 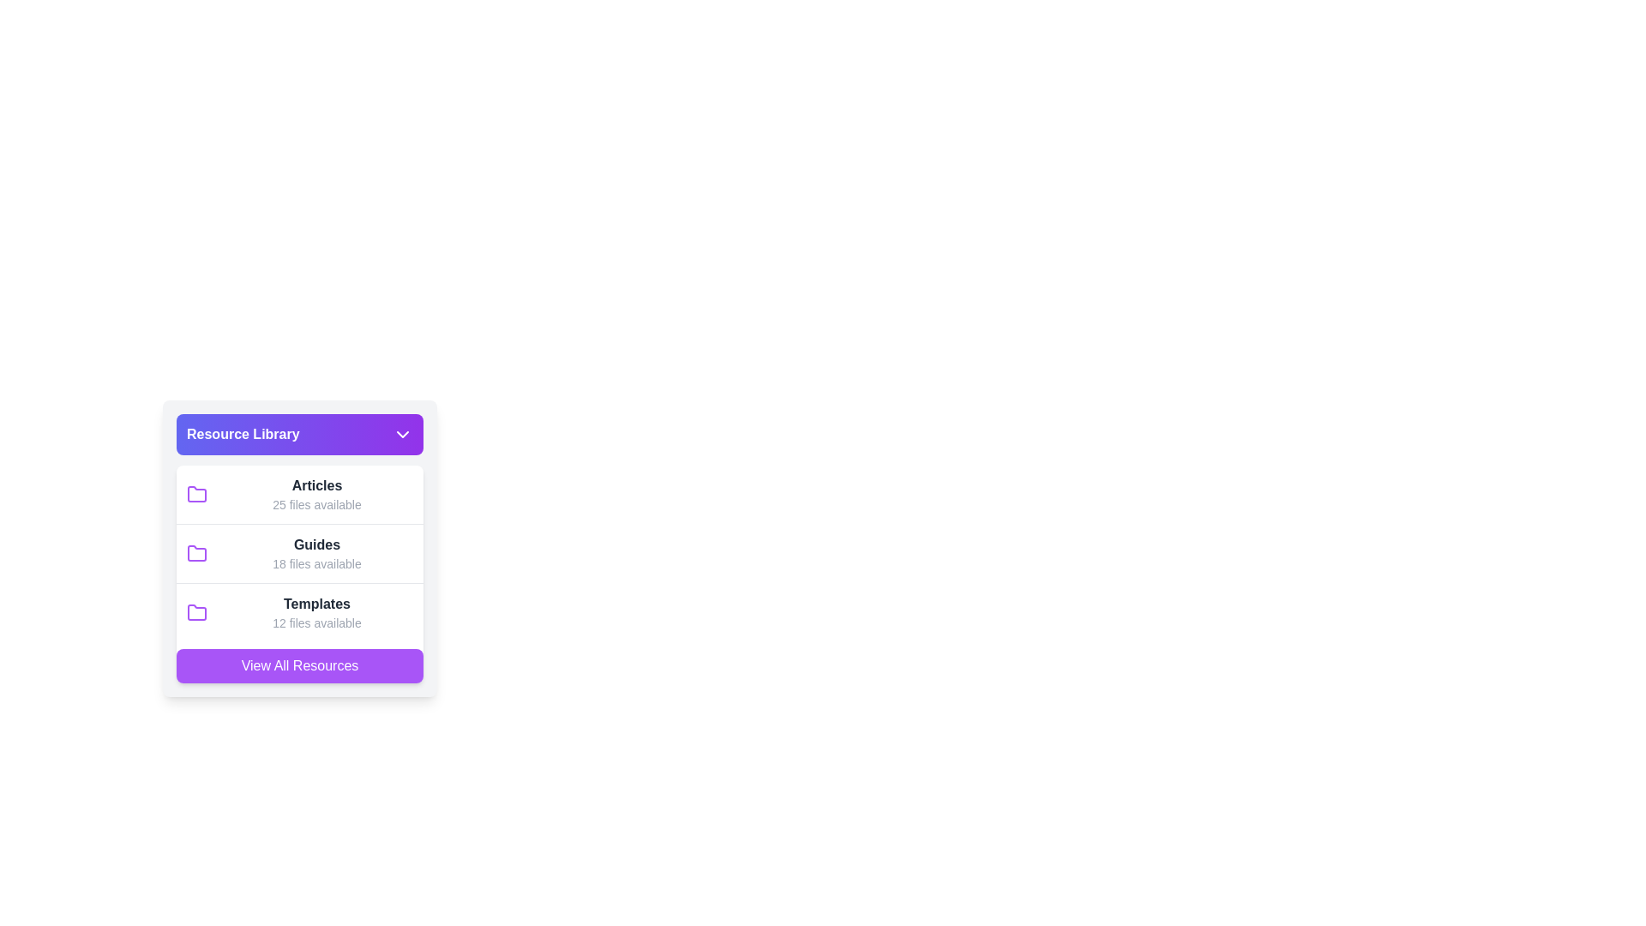 I want to click on the button located at the bottom of the 'Resource Library' card to change its opacity, so click(x=300, y=664).